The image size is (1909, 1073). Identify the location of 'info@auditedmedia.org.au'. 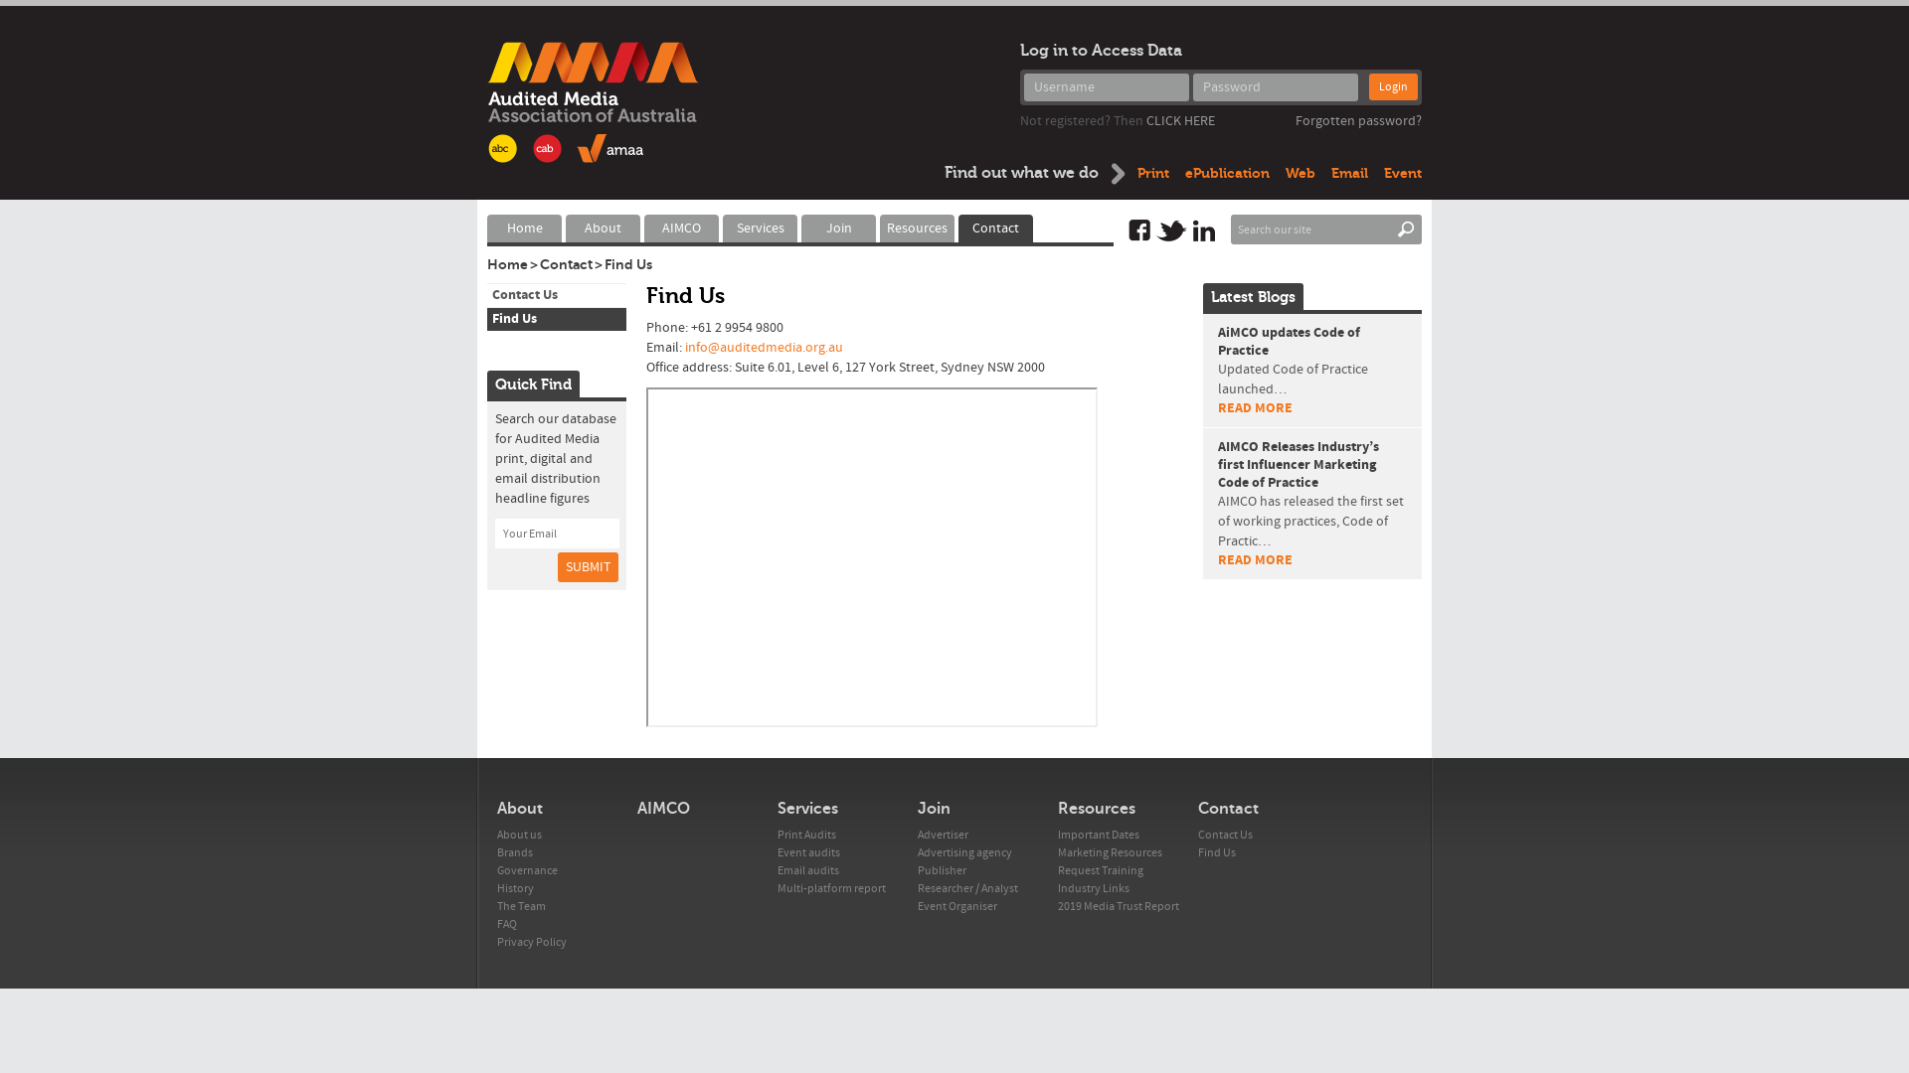
(763, 347).